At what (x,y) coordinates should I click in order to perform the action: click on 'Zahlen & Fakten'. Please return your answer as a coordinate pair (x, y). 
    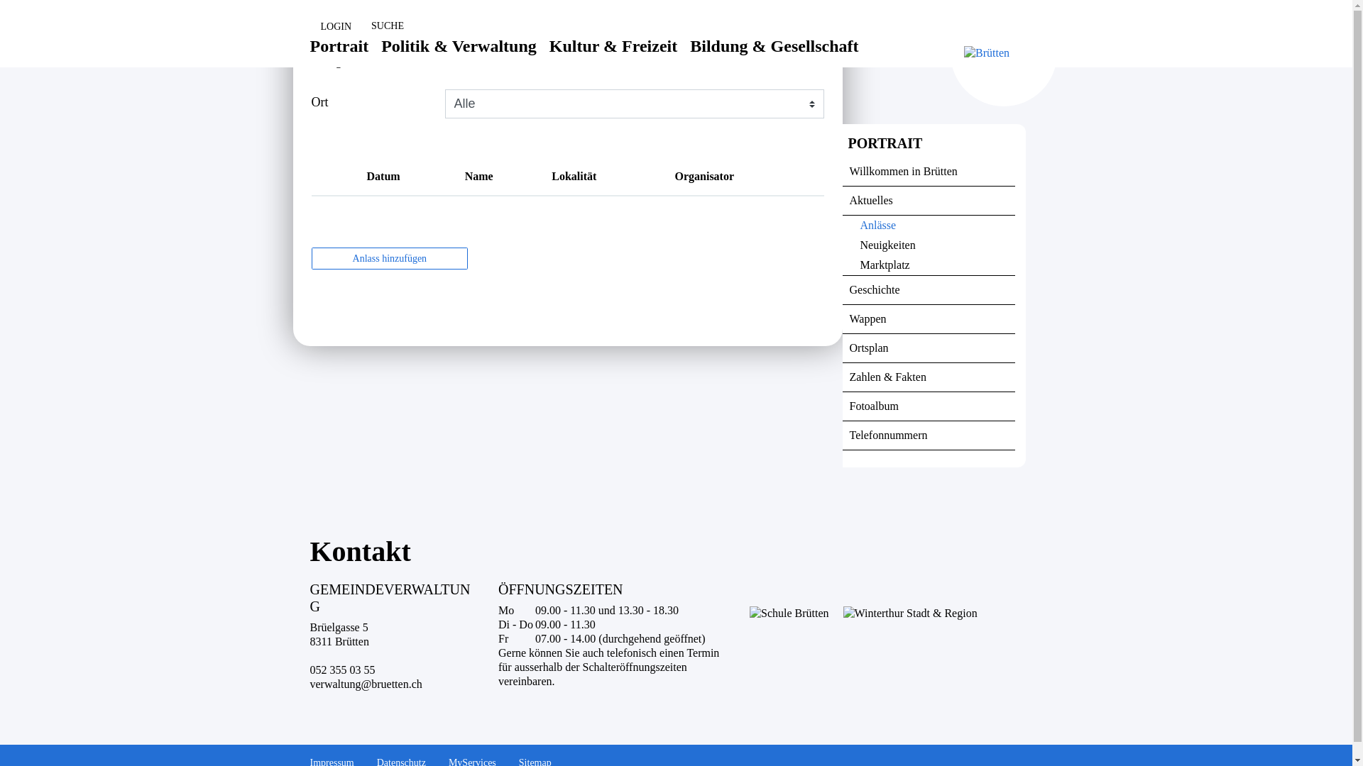
    Looking at the image, I should click on (928, 377).